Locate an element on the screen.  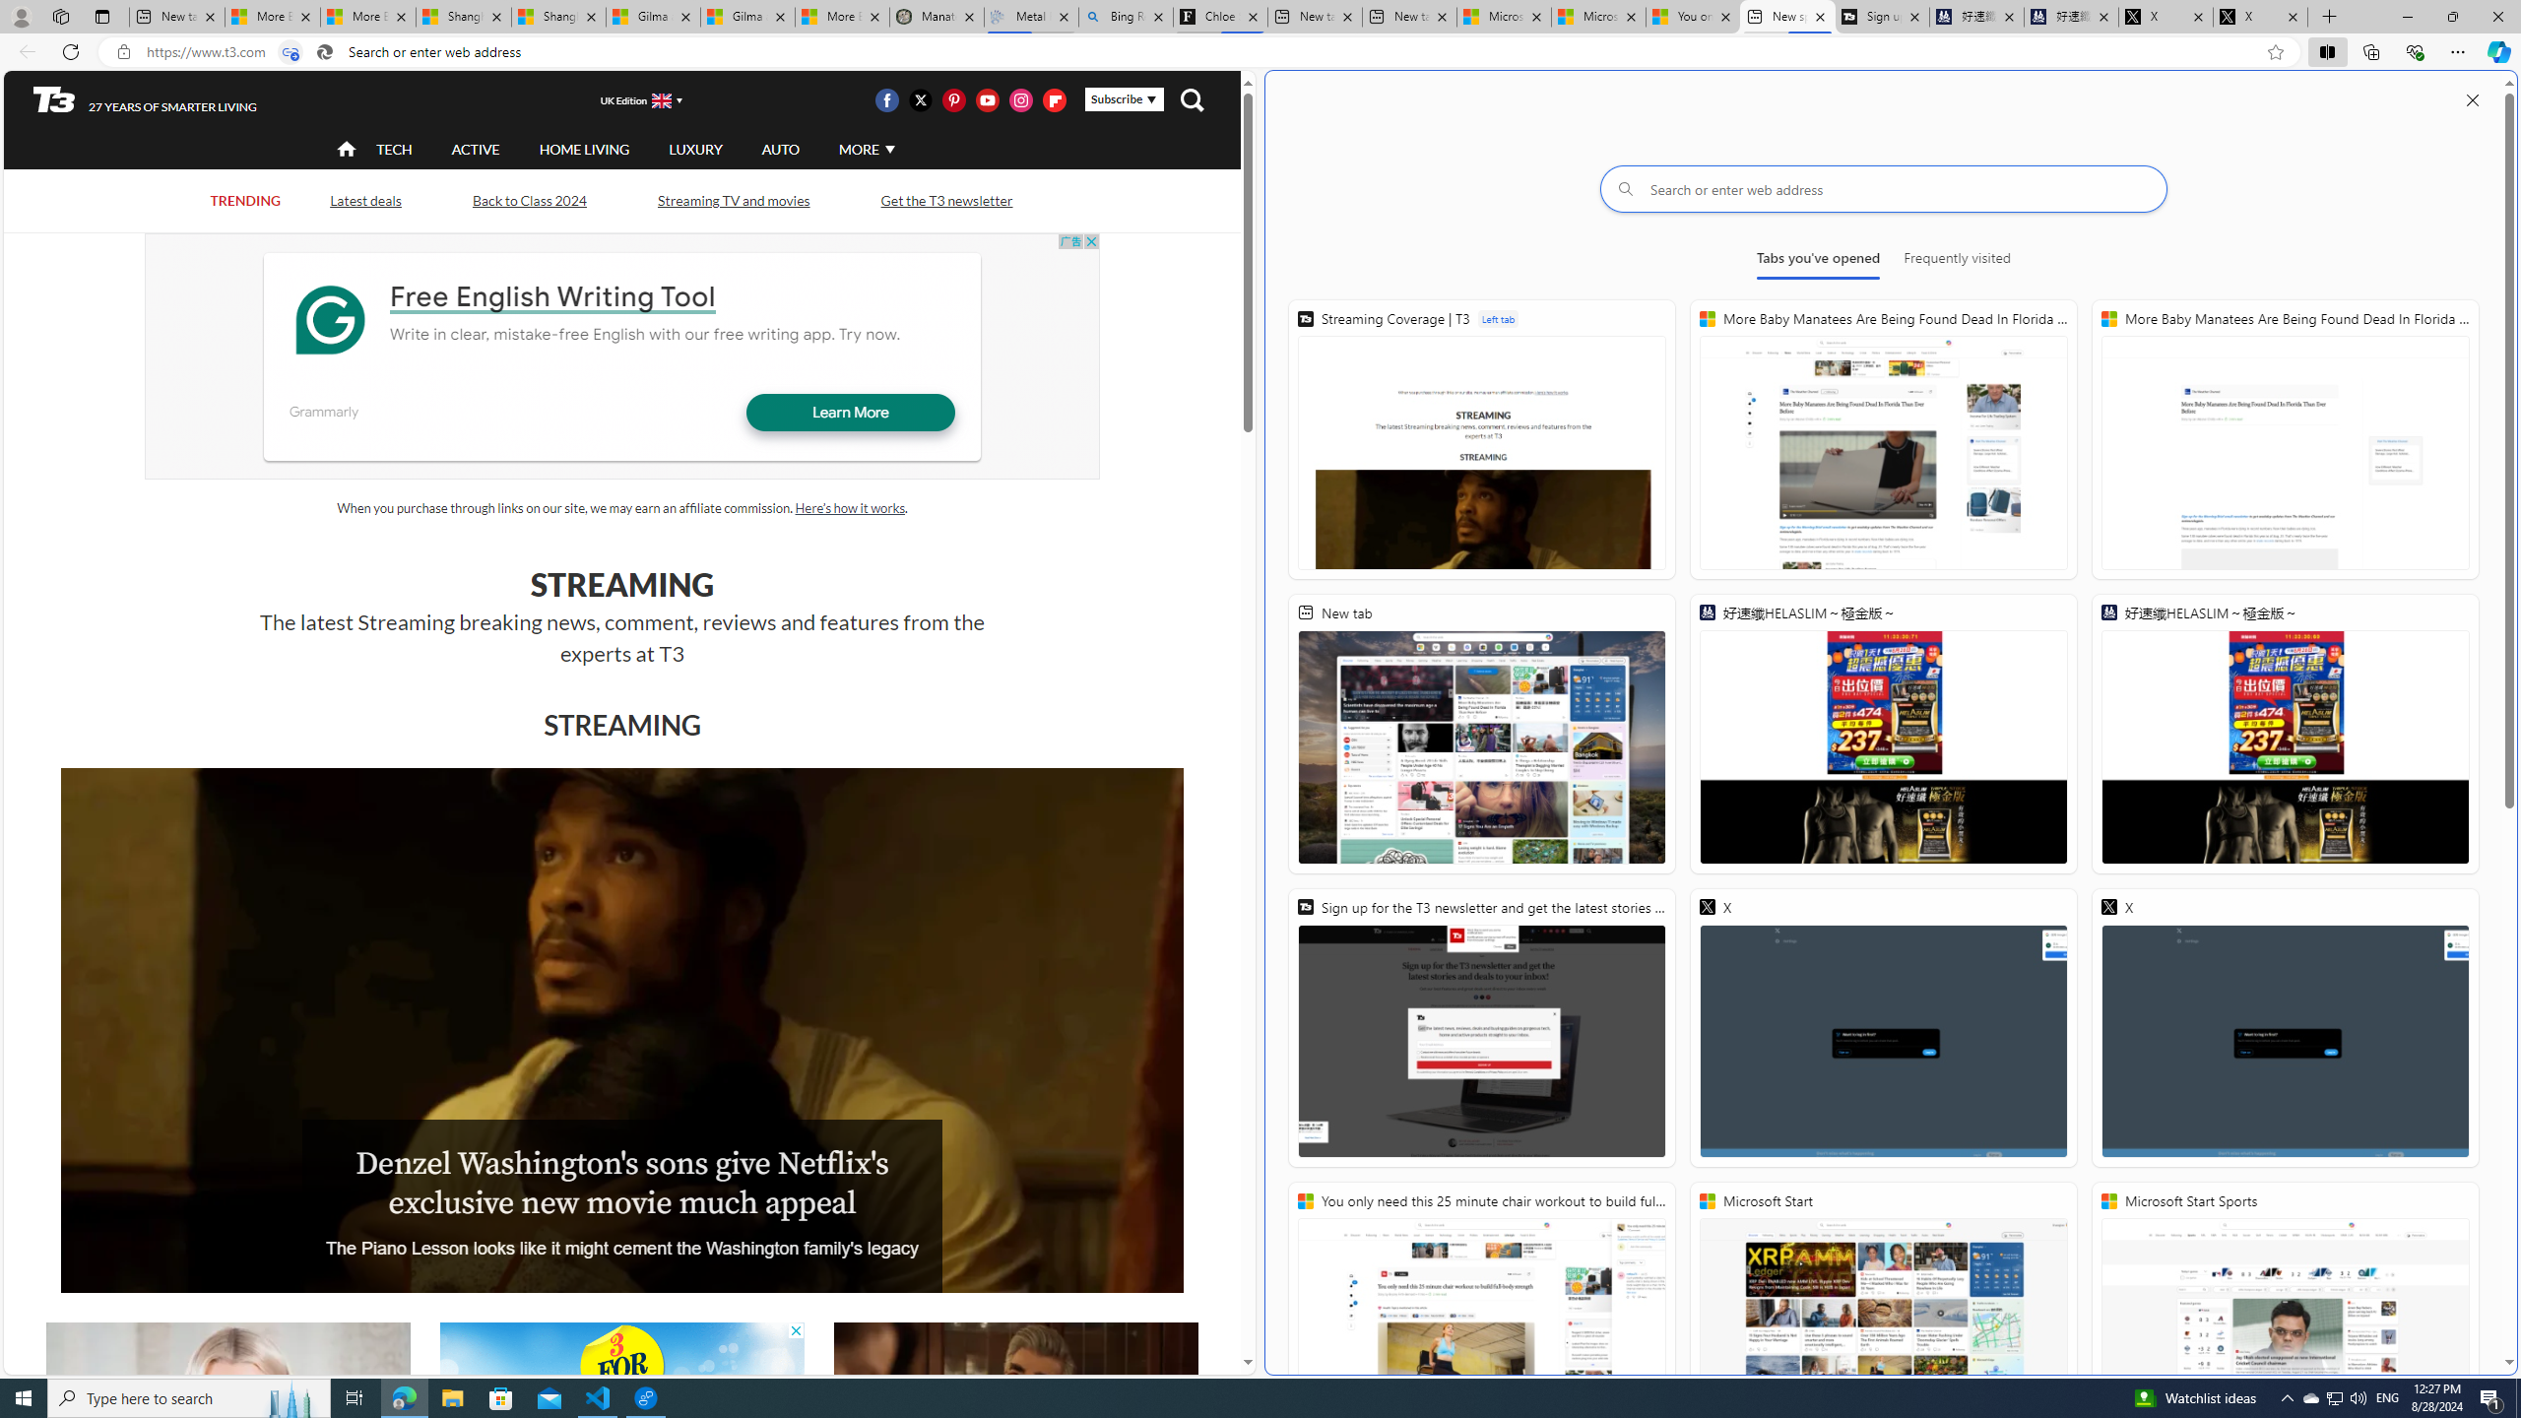
'Gilma and Hector both pose tropical trouble for Hawaii' is located at coordinates (747, 16).